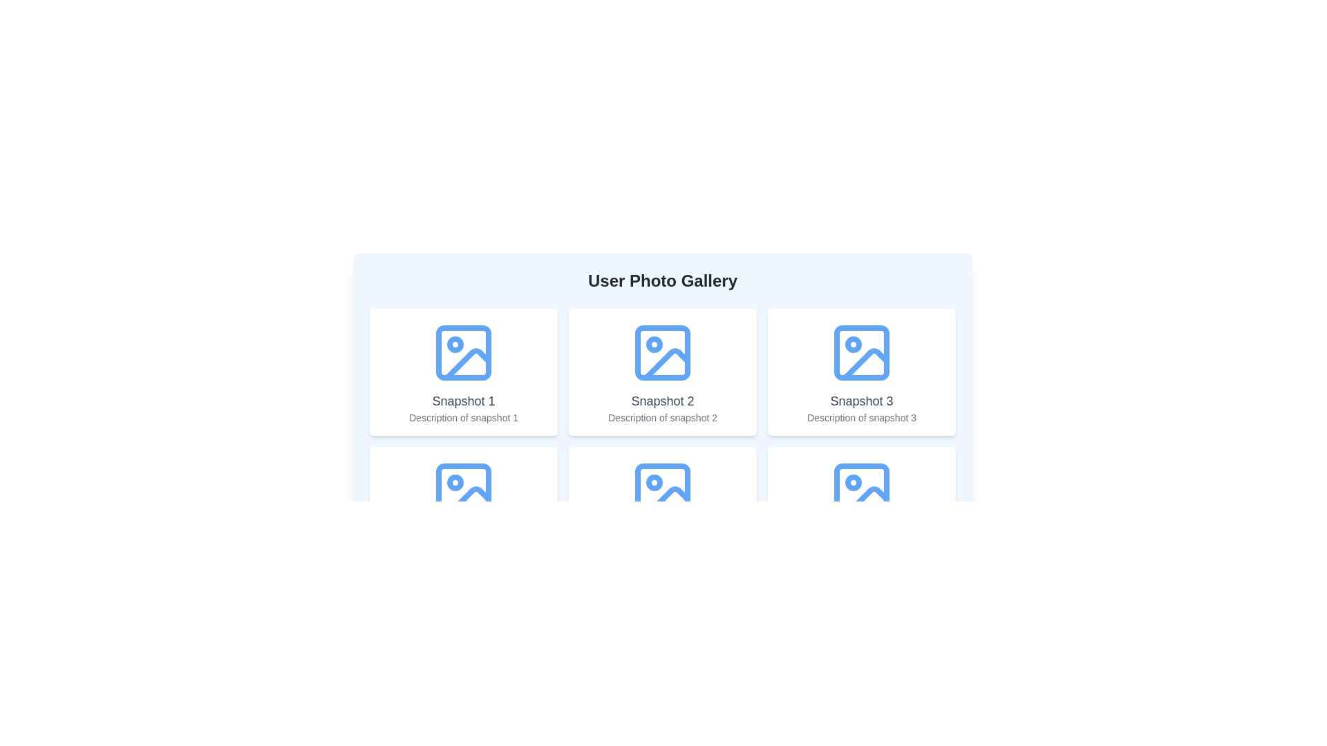 The width and height of the screenshot is (1327, 746). I want to click on the small circular SVG Circle element located at the top-left portion within the second image icon of the first row in the grid layout, so click(653, 343).